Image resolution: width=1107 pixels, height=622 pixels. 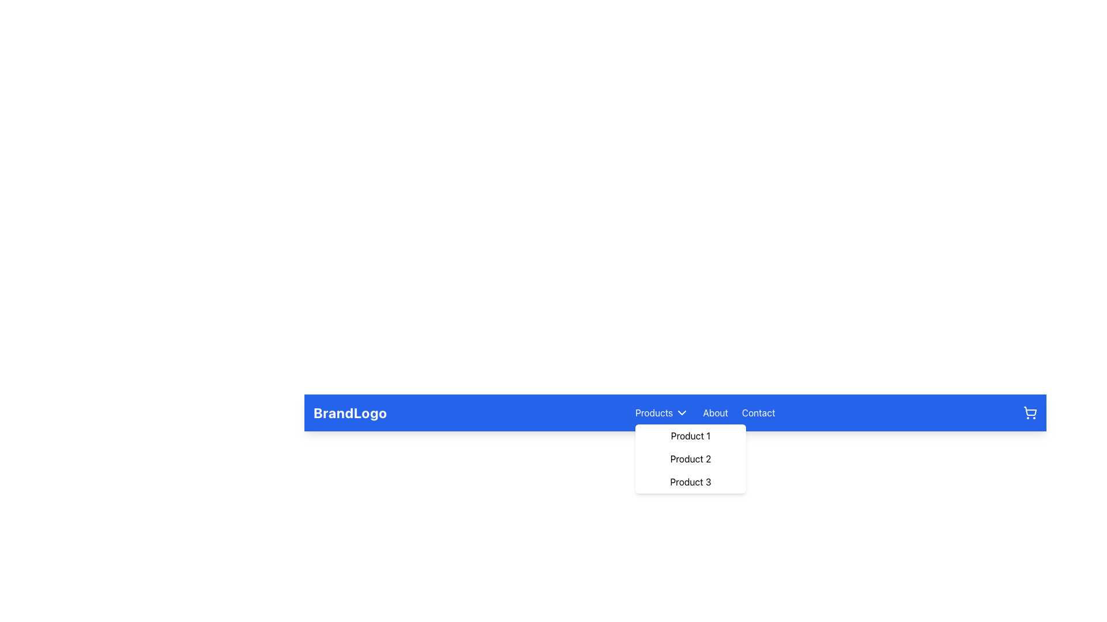 I want to click on an item in the 'Products' dropdown menu, so click(x=691, y=458).